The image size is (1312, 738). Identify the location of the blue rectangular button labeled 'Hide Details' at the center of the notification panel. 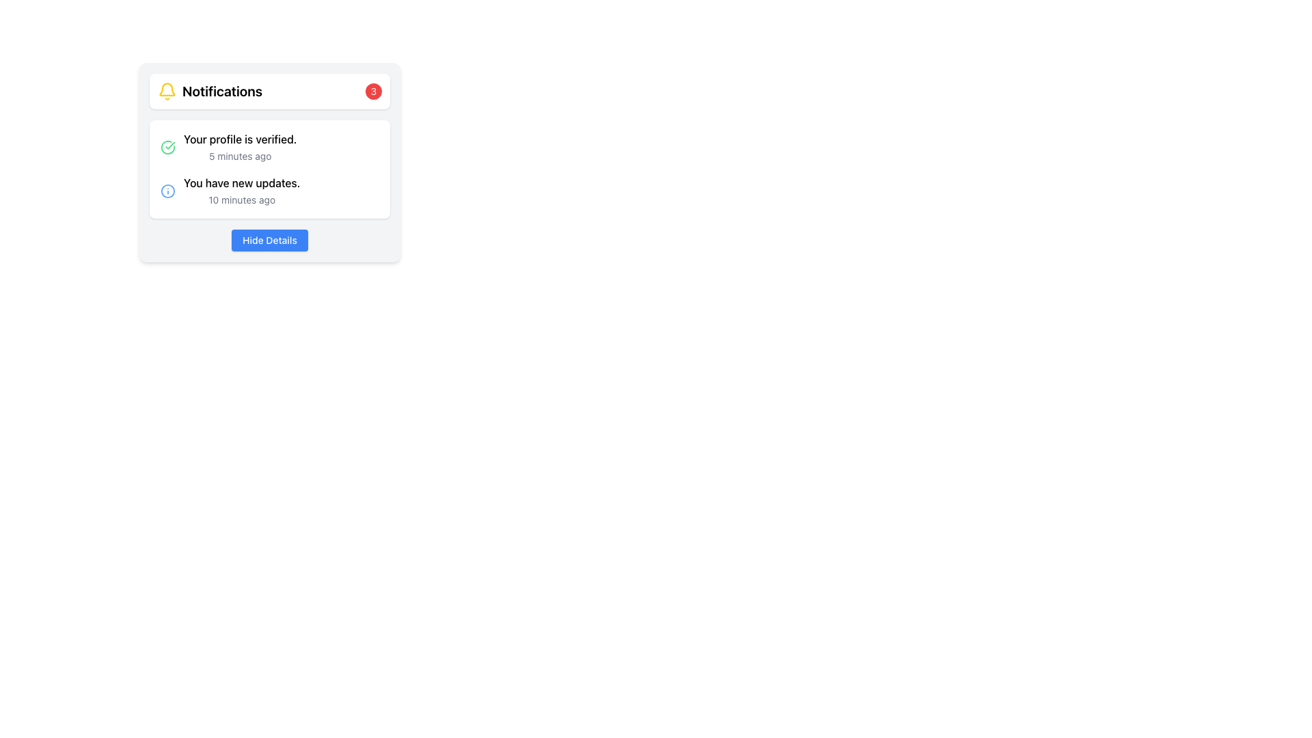
(269, 239).